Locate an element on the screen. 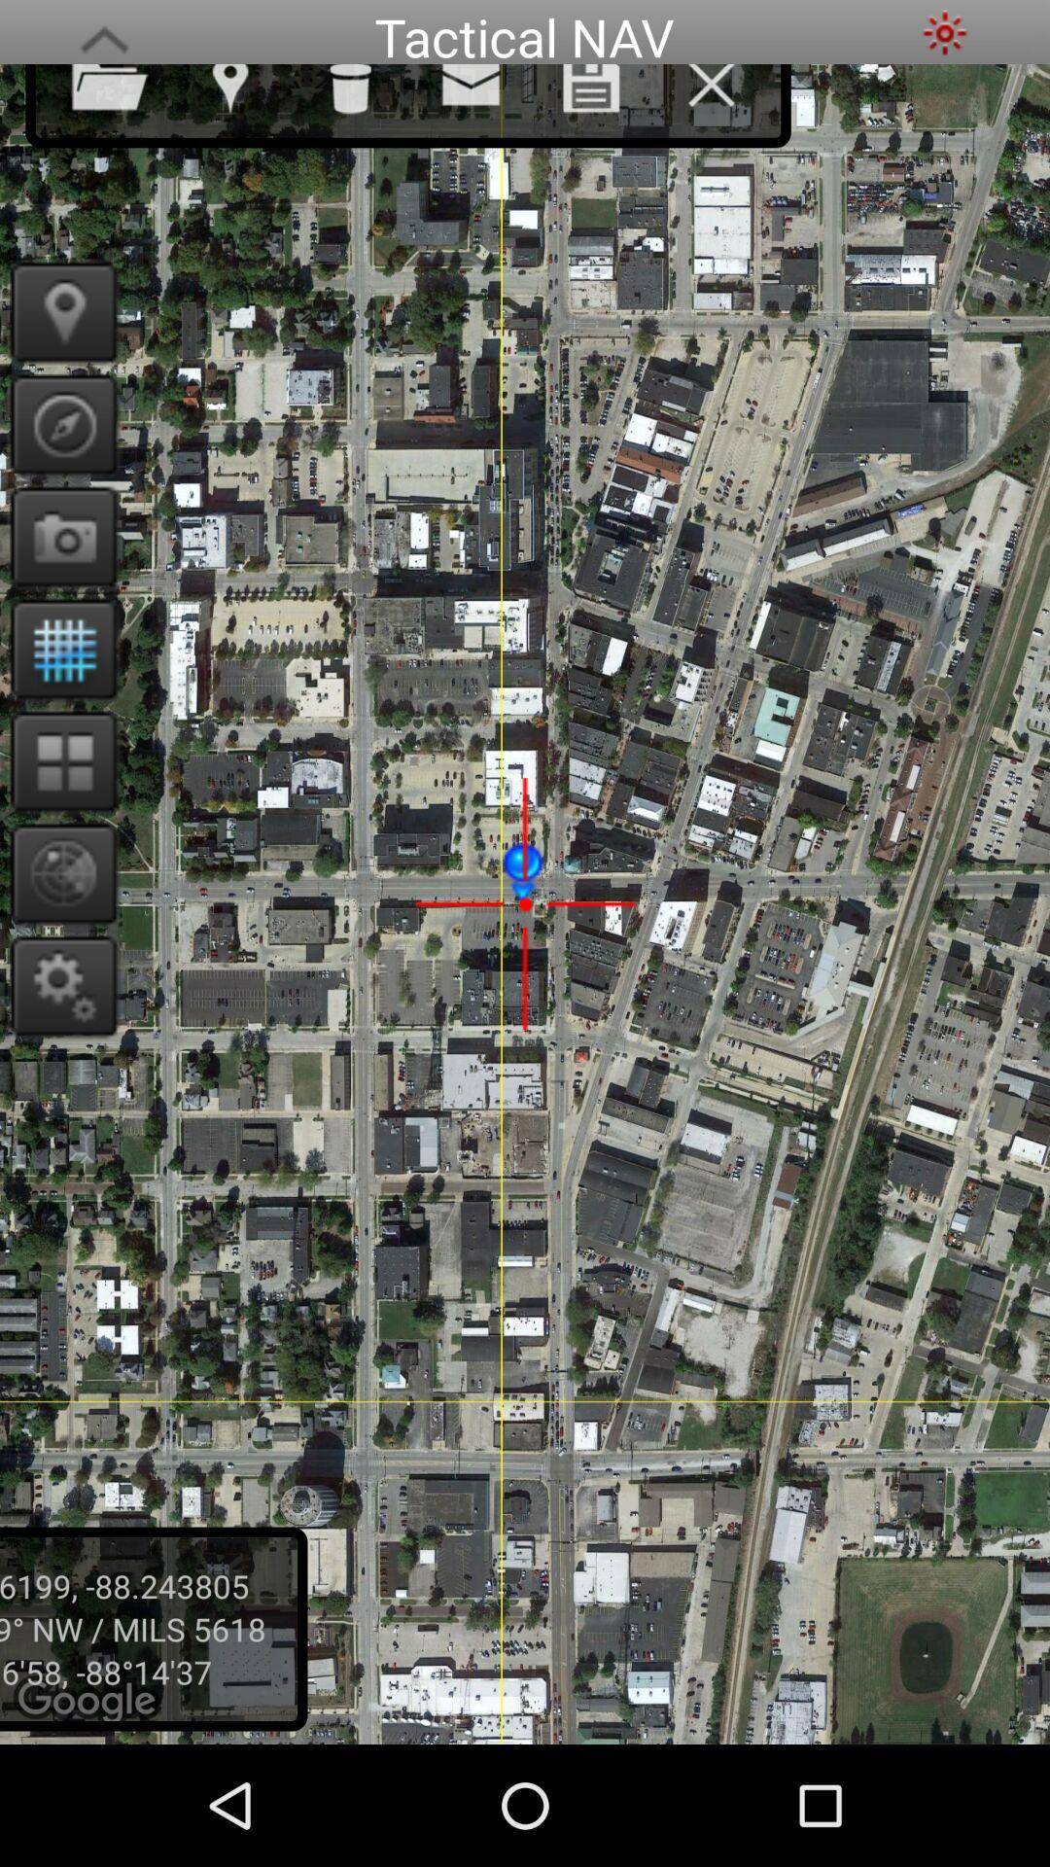 This screenshot has height=1867, width=1050. orientation scale is located at coordinates (56, 423).